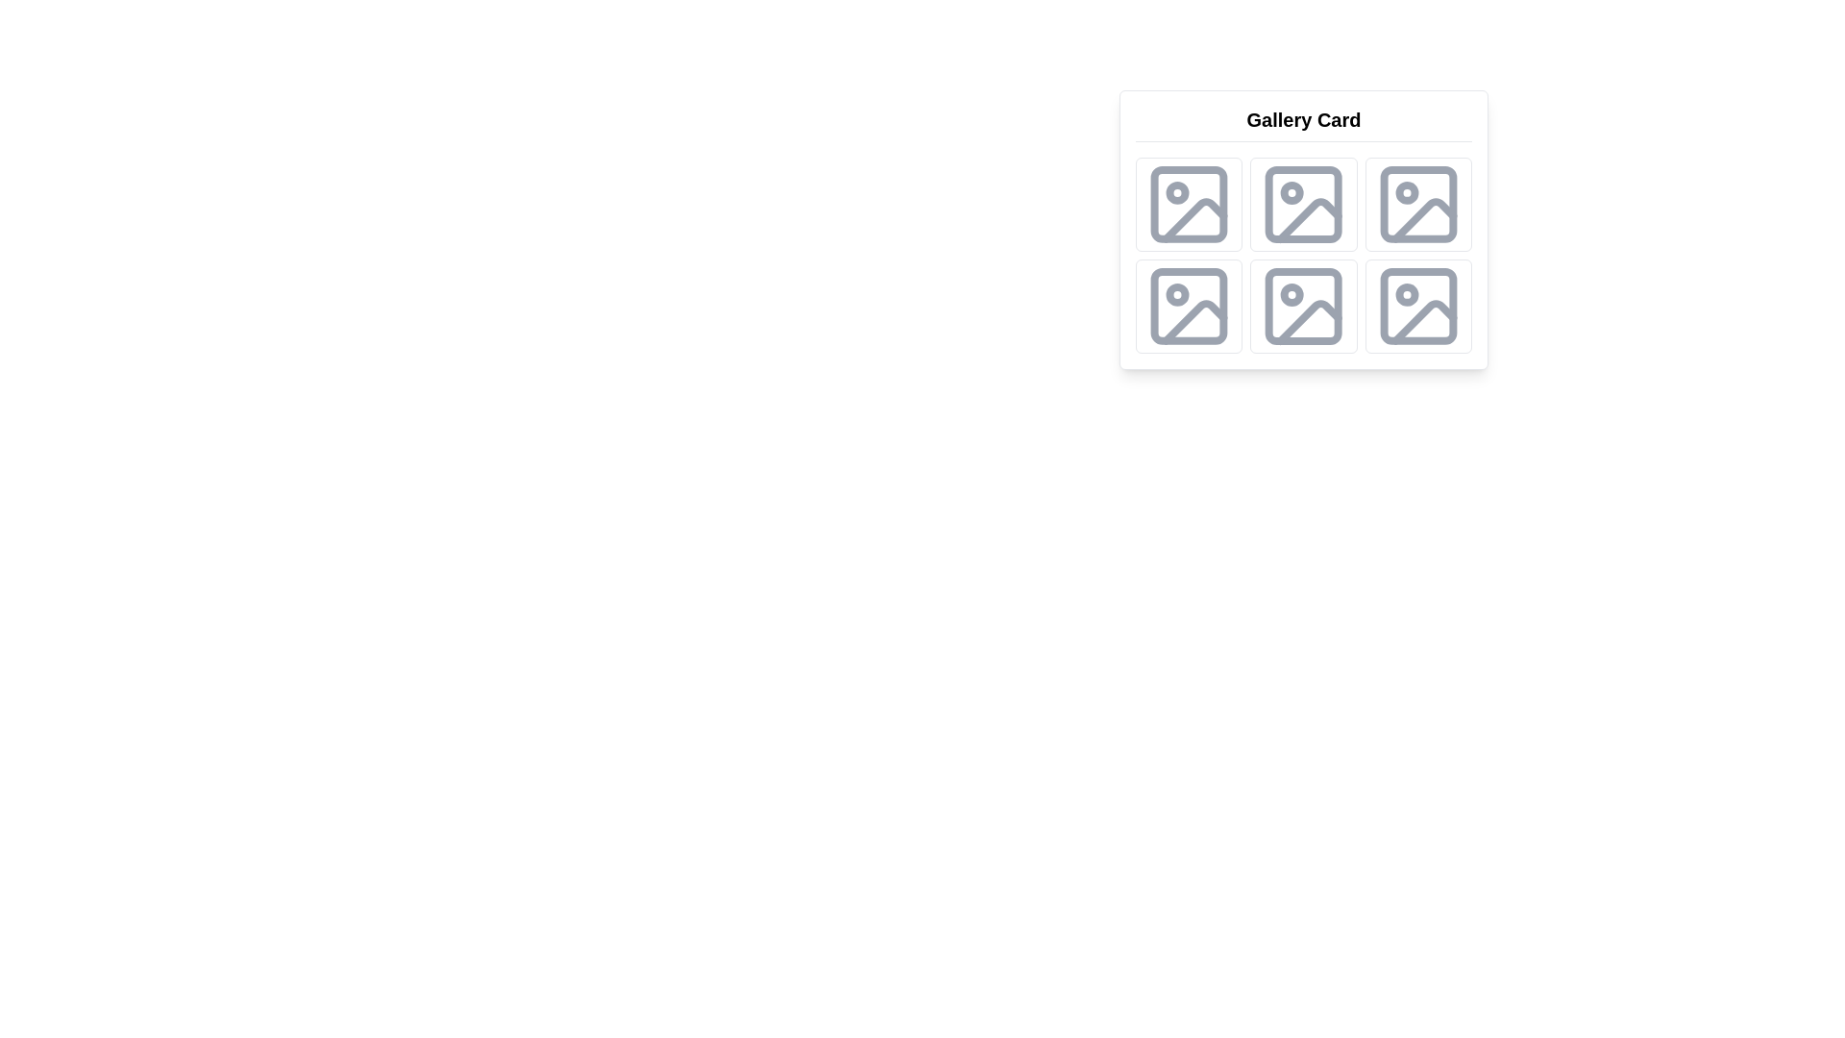 The image size is (1845, 1038). Describe the element at coordinates (1304, 204) in the screenshot. I see `the image placeholder icon in the Gallery Card, which is the middle element of the second row in a 3x3 matrix layout and is associated with the caption 'Caption 2'` at that location.